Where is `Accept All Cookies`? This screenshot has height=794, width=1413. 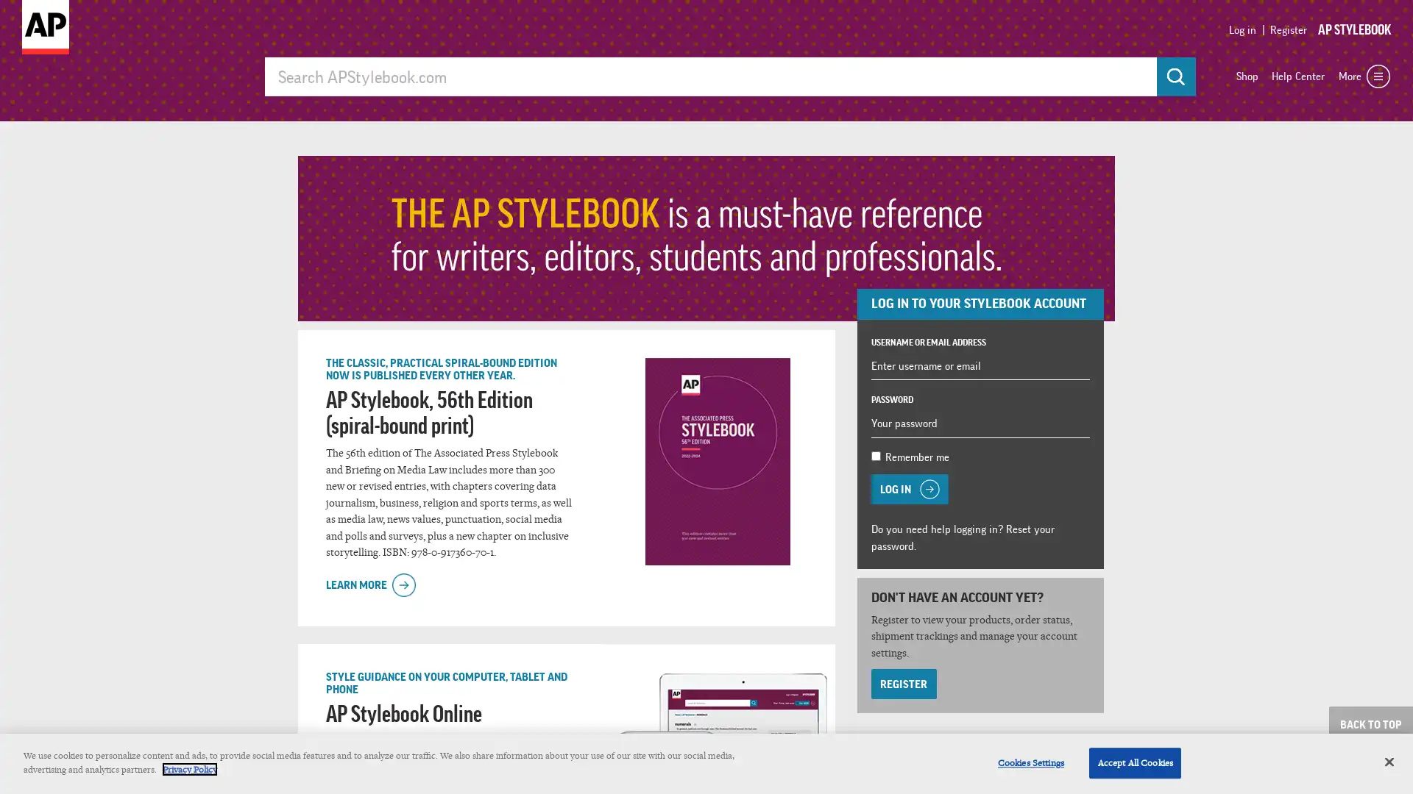
Accept All Cookies is located at coordinates (1134, 762).